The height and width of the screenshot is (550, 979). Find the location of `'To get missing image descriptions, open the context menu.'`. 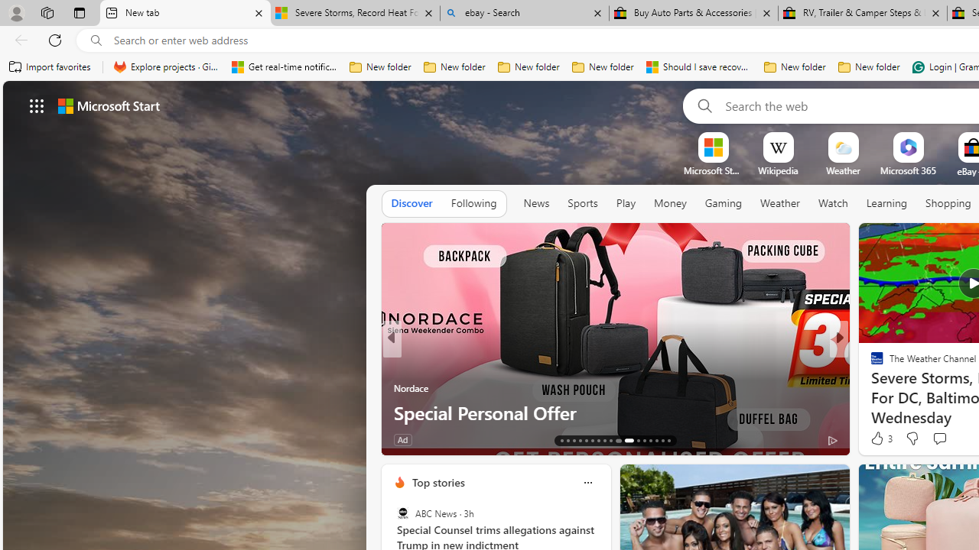

'To get missing image descriptions, open the context menu.' is located at coordinates (712, 147).